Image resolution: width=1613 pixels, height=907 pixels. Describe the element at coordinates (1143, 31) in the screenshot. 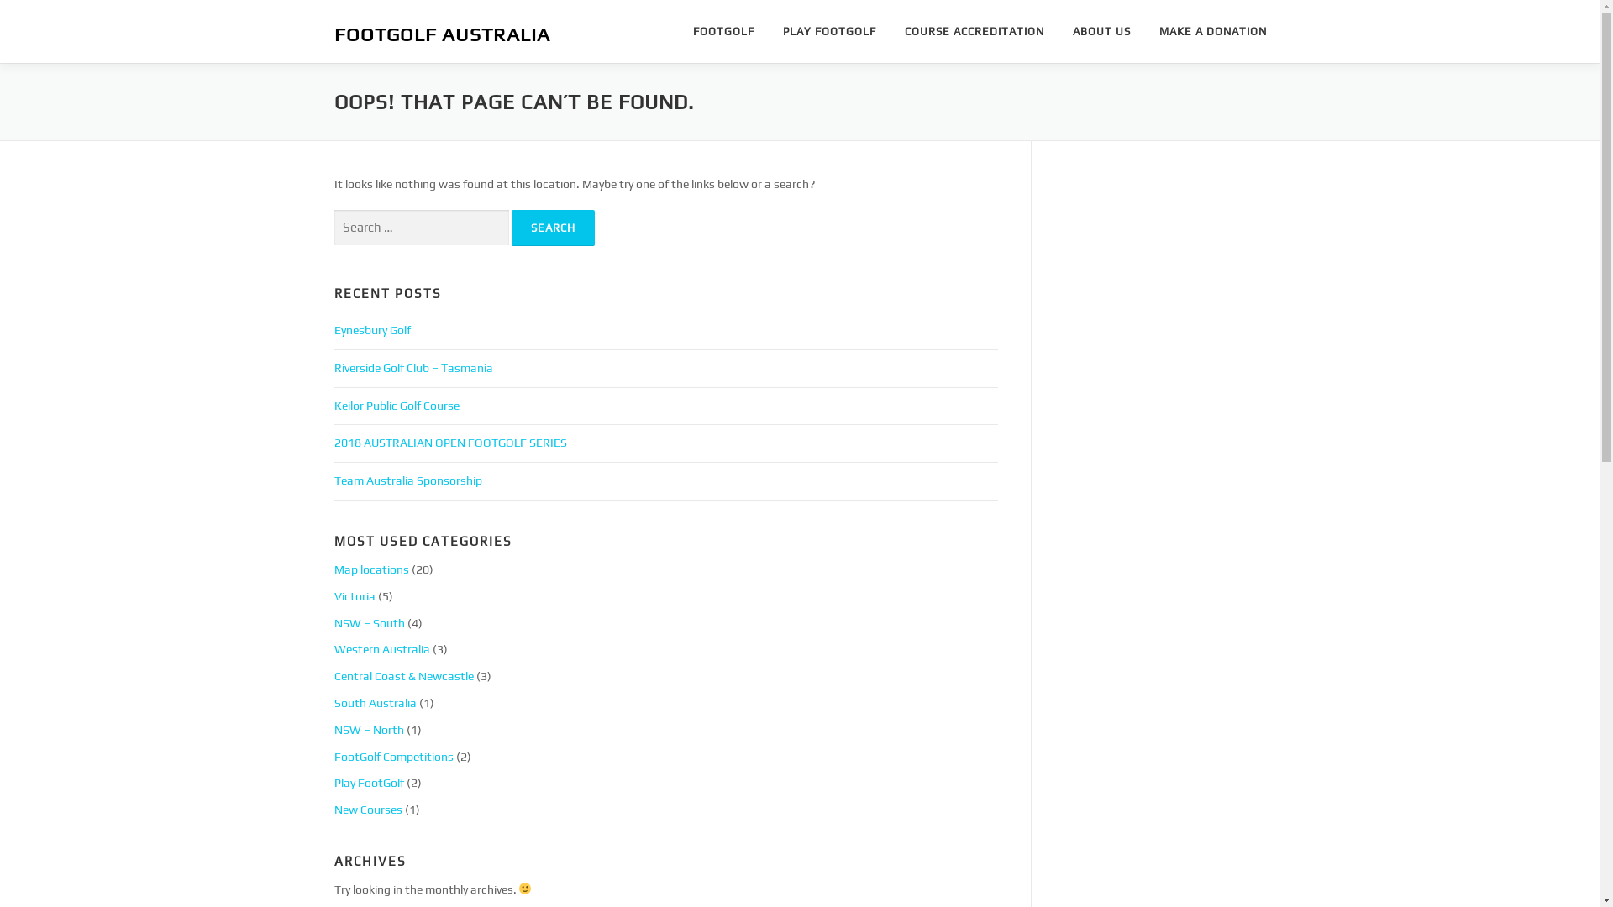

I see `'MAKE A DONATION'` at that location.